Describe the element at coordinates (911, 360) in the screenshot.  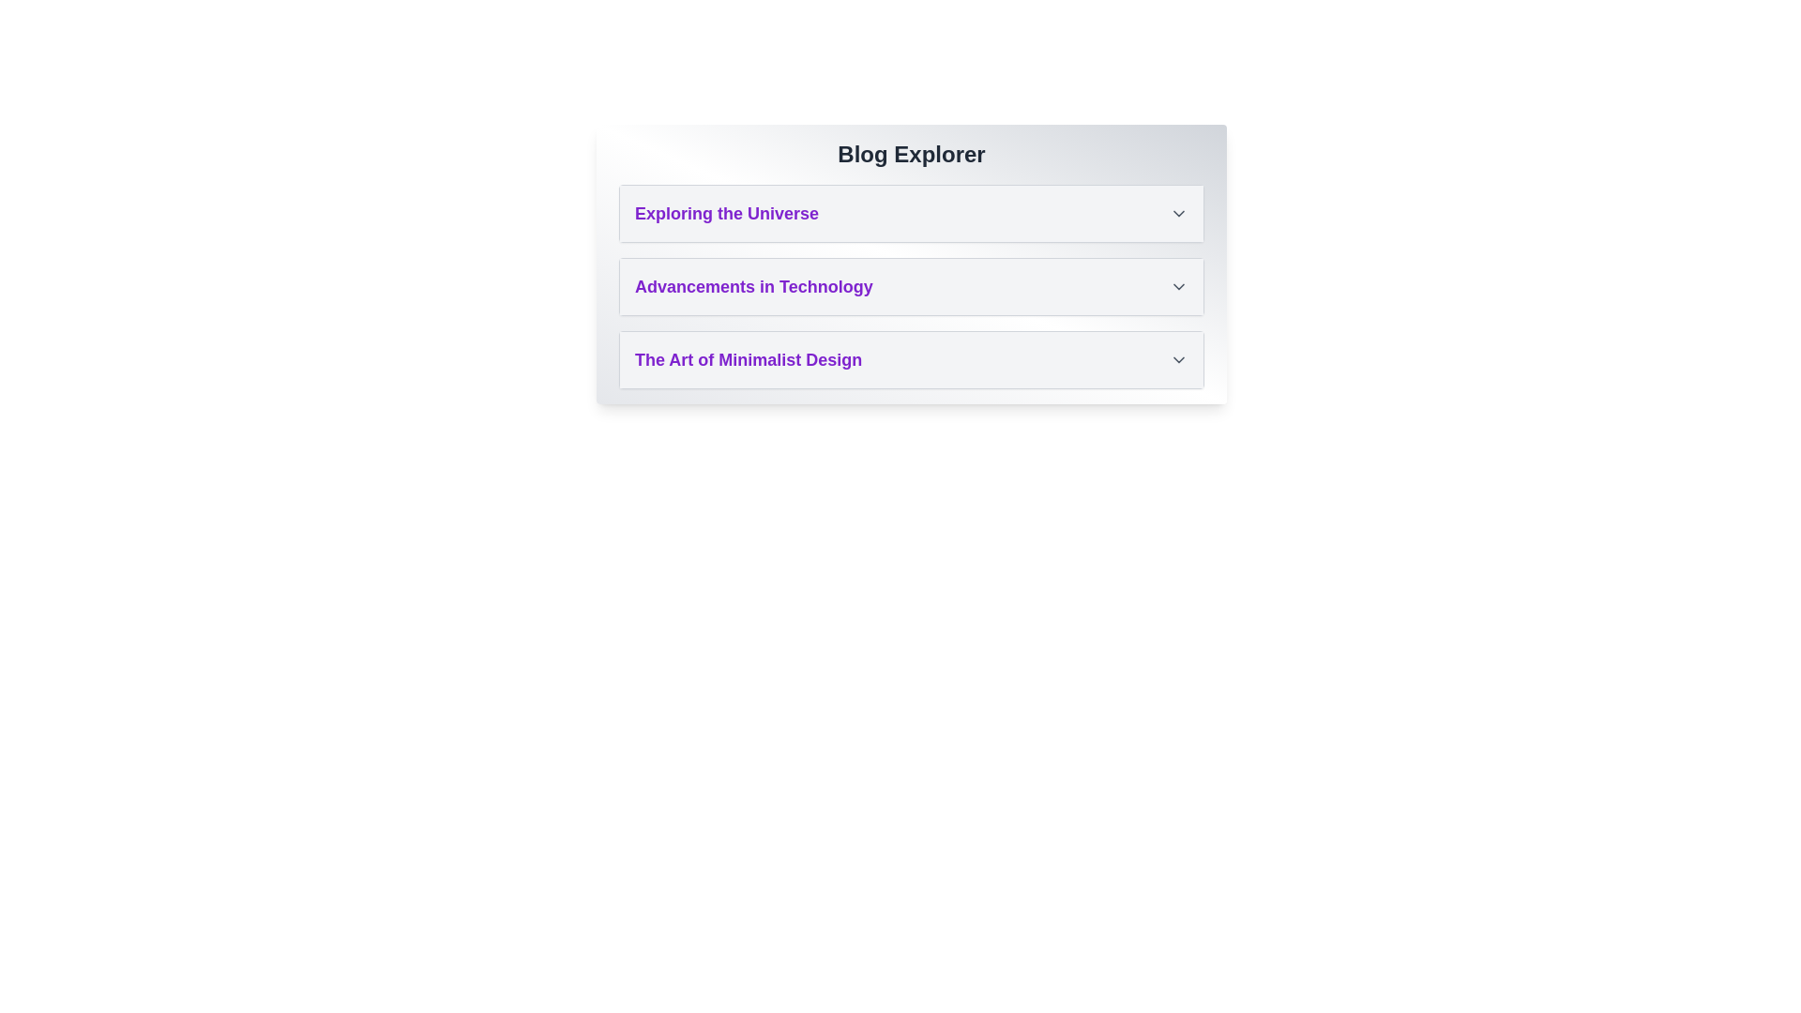
I see `the third item in the 'Blog Explorer' list, which is related to 'The Art of Minimalist Design'` at that location.